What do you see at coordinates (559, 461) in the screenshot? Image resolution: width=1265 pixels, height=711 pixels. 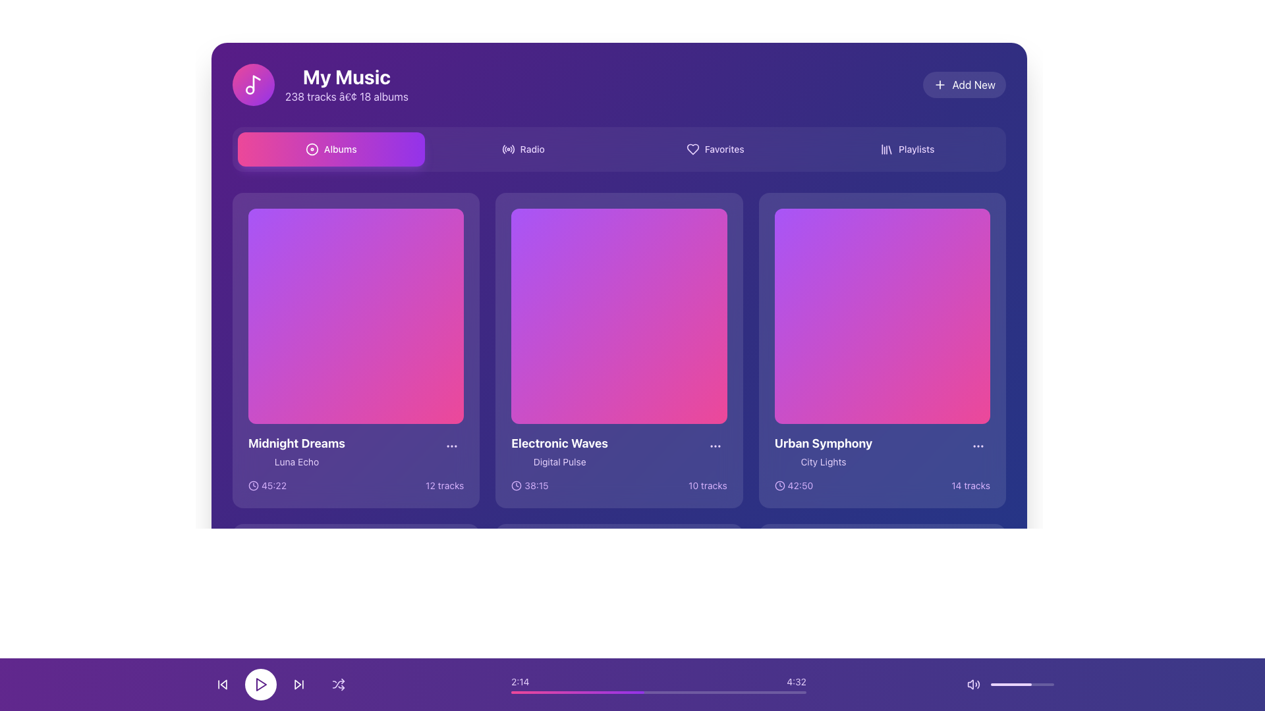 I see `text label that provides additional information related to the card titled 'Electronic Waves', located at the center of the card beneath the title` at bounding box center [559, 461].